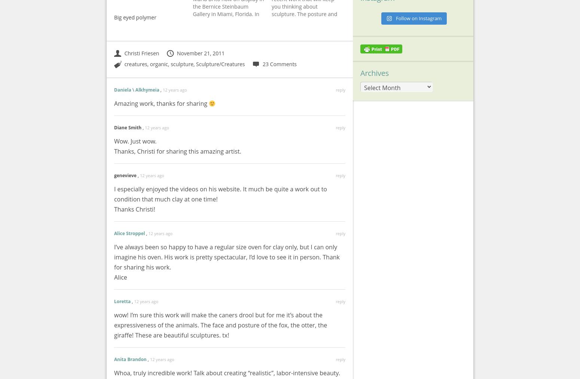 This screenshot has width=580, height=379. Describe the element at coordinates (136, 89) in the screenshot. I see `'Daniela \ Alkhymeia'` at that location.